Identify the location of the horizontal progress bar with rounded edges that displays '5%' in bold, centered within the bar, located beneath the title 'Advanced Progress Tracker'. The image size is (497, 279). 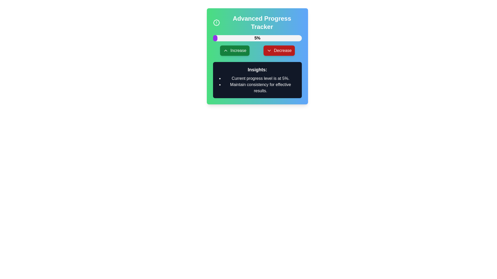
(257, 38).